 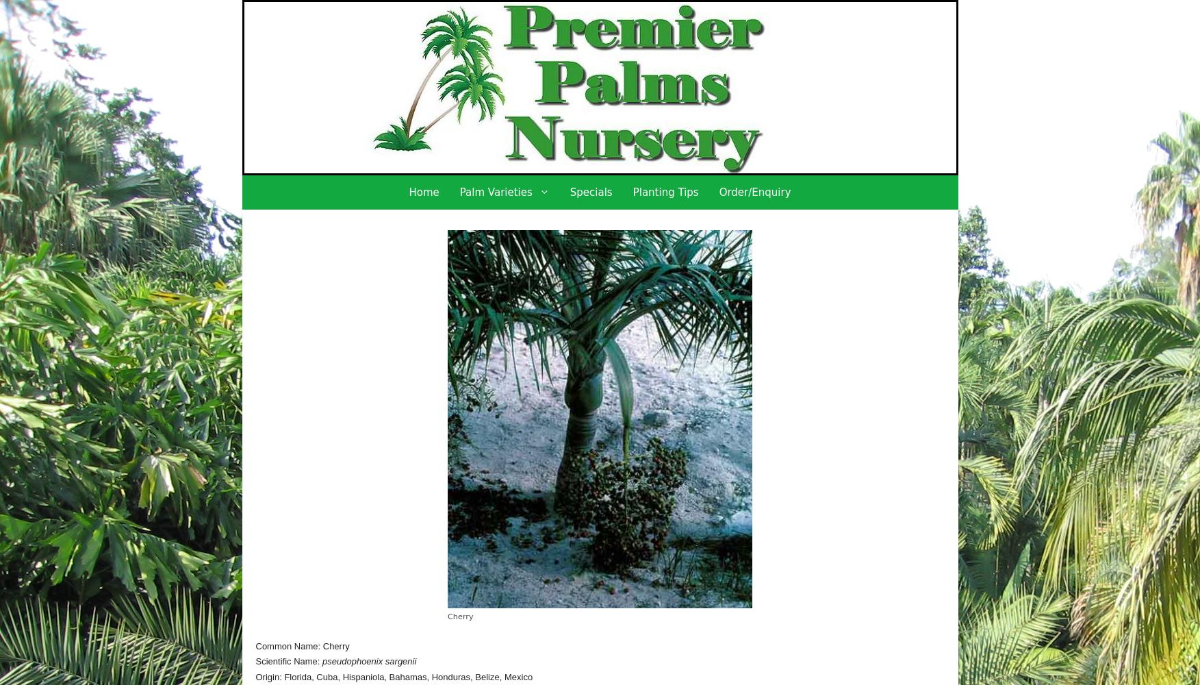 I want to click on 'Scientific Name:', so click(x=255, y=660).